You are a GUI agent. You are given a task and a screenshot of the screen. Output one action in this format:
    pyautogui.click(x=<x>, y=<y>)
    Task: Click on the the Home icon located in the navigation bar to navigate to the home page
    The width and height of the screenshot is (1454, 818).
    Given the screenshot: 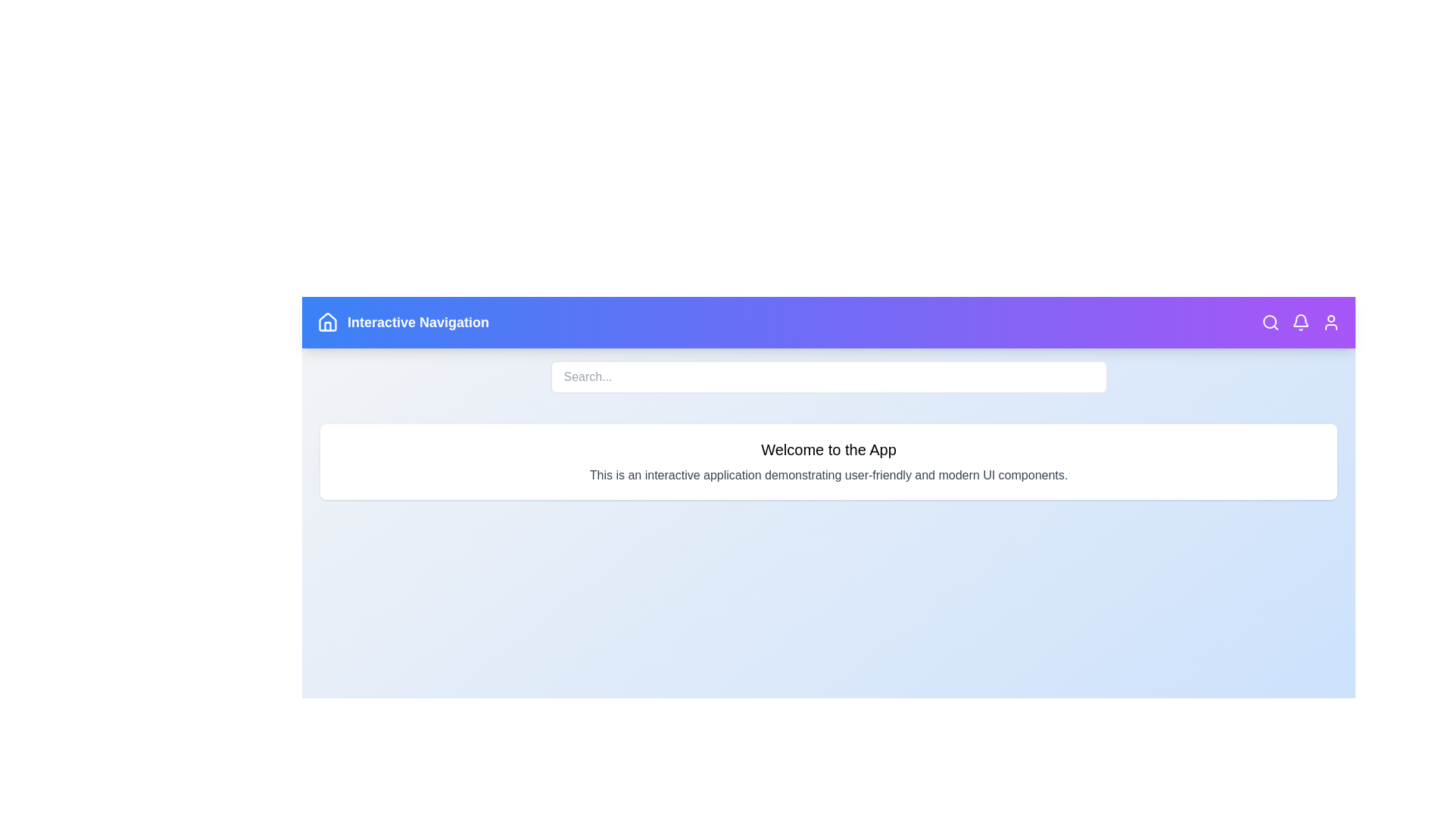 What is the action you would take?
    pyautogui.click(x=326, y=321)
    